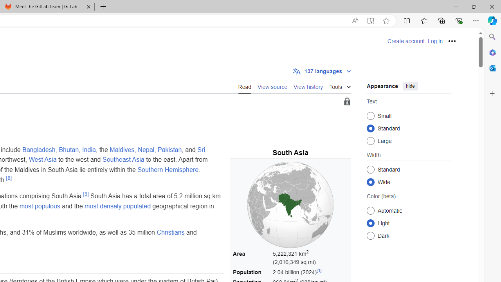  What do you see at coordinates (69, 149) in the screenshot?
I see `'Bhutan'` at bounding box center [69, 149].